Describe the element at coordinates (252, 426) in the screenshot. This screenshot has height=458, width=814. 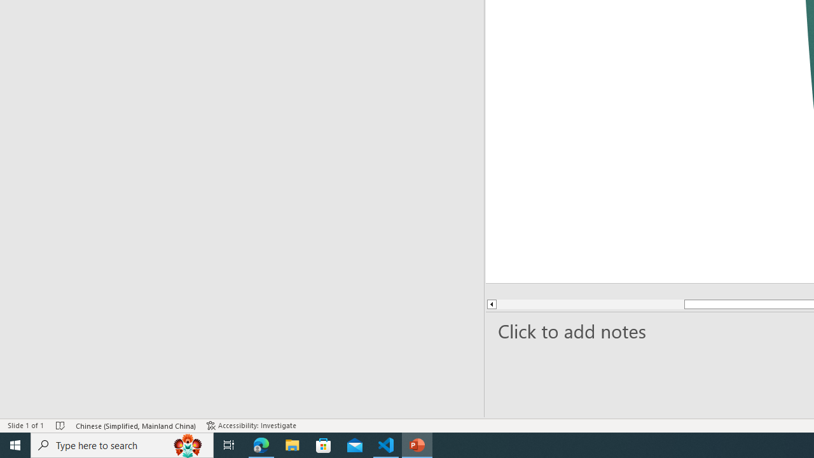
I see `'Accessibility Checker Accessibility: Investigate'` at that location.